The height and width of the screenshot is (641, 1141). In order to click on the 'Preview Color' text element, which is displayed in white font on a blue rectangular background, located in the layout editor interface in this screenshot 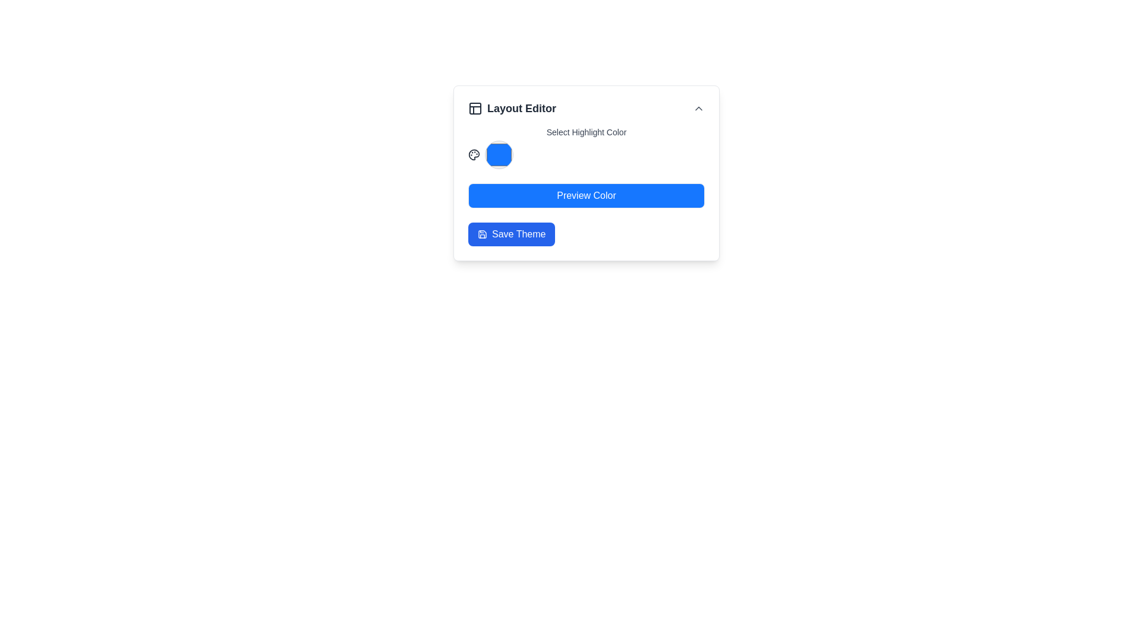, I will do `click(587, 195)`.